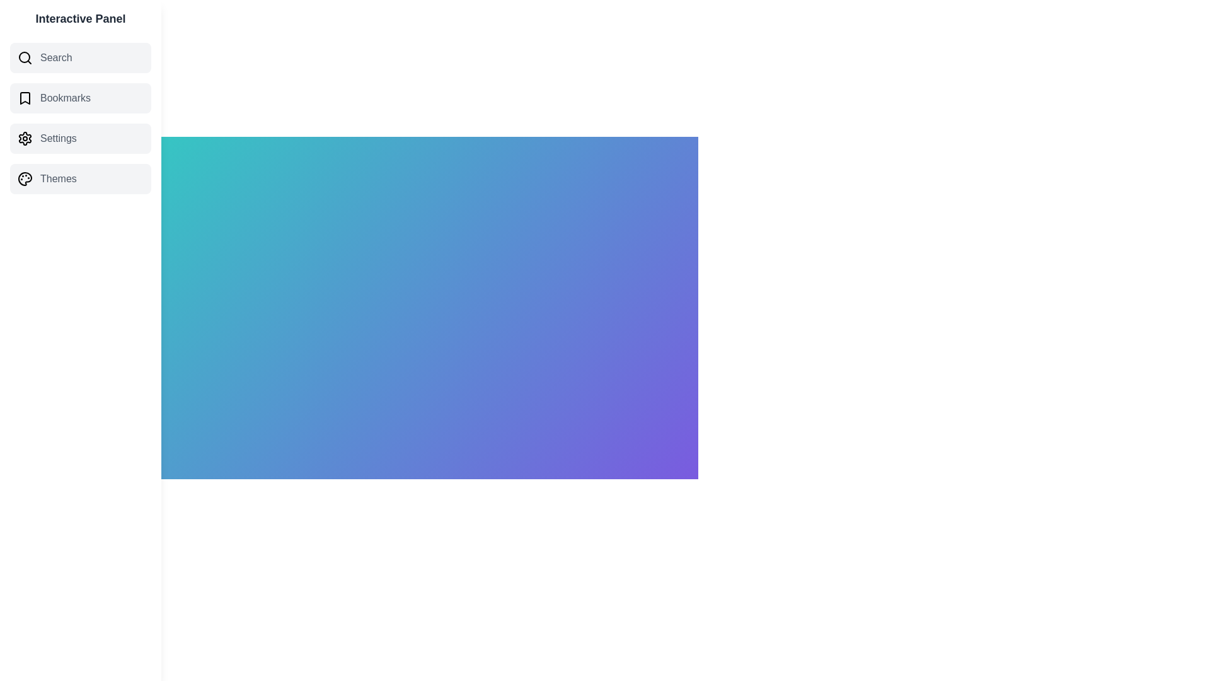 Image resolution: width=1210 pixels, height=681 pixels. Describe the element at coordinates (80, 138) in the screenshot. I see `the category item Settings to see its hover effect` at that location.